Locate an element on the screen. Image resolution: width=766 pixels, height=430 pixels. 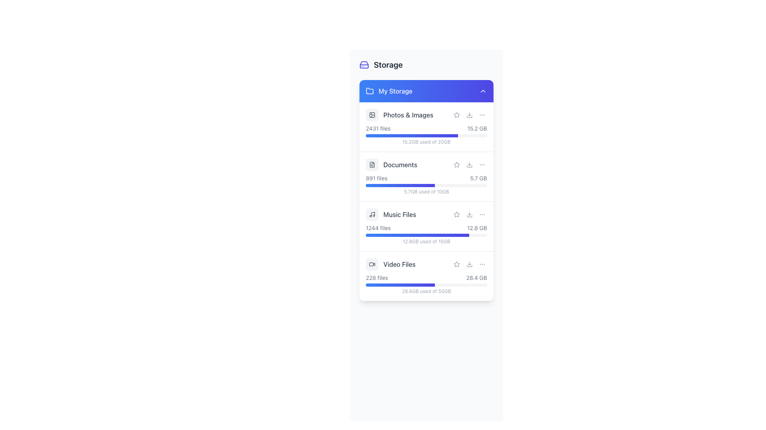
the static text label that indicates the number of files in the 'Music Files' category, which is located on the left section of the row titled 'Music Files', under 'Documents', and above 'Video Files' is located at coordinates (378, 228).